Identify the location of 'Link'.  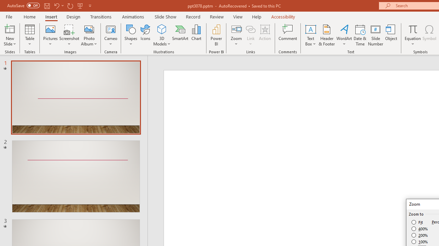
(250, 29).